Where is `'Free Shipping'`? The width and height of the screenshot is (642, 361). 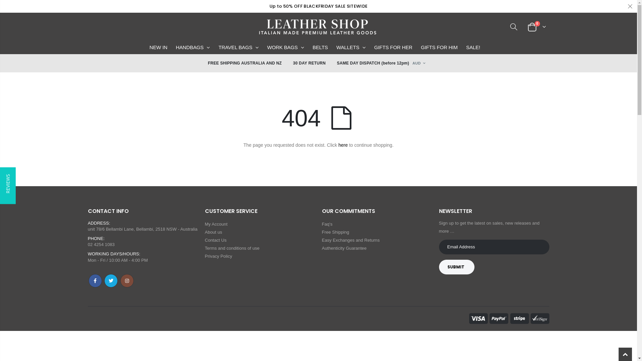 'Free Shipping' is located at coordinates (321, 232).